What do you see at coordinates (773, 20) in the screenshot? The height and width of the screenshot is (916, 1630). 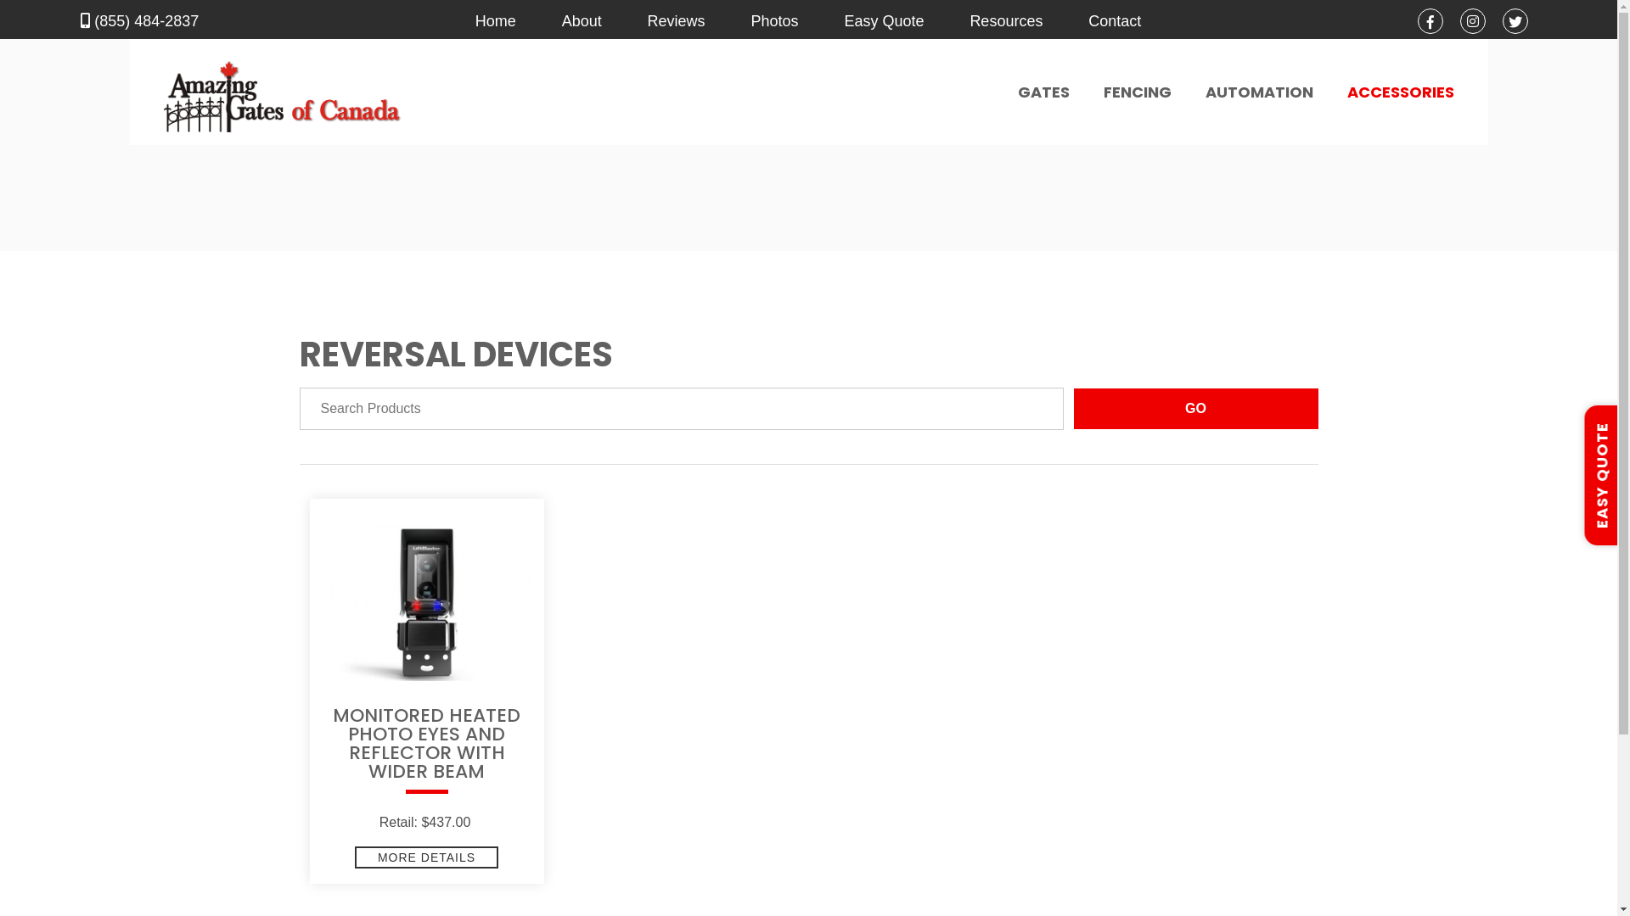 I see `'Photos'` at bounding box center [773, 20].